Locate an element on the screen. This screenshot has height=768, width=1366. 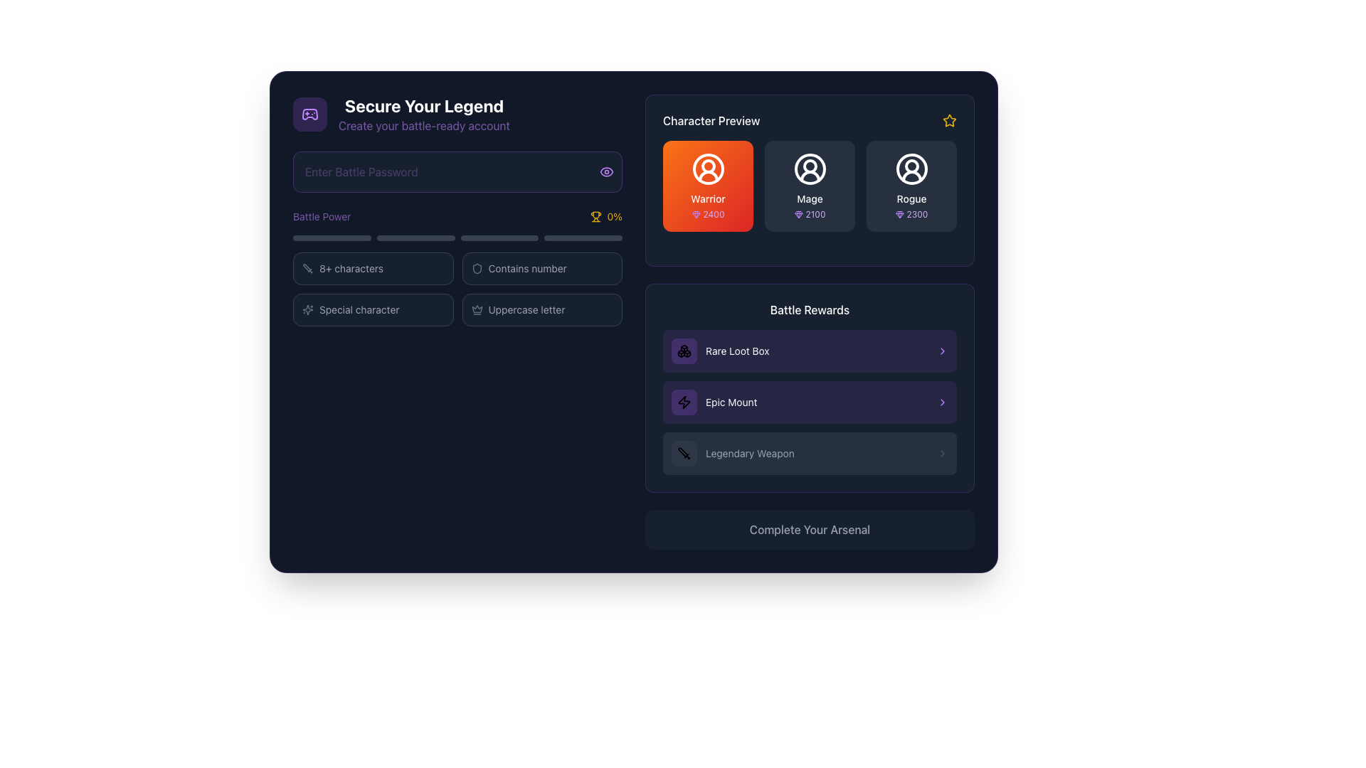
the Decorative SVG circle representing the user avatar icon for the 'Rogue' character, which is the outermost circular shape within the user avatar icon is located at coordinates (911, 169).